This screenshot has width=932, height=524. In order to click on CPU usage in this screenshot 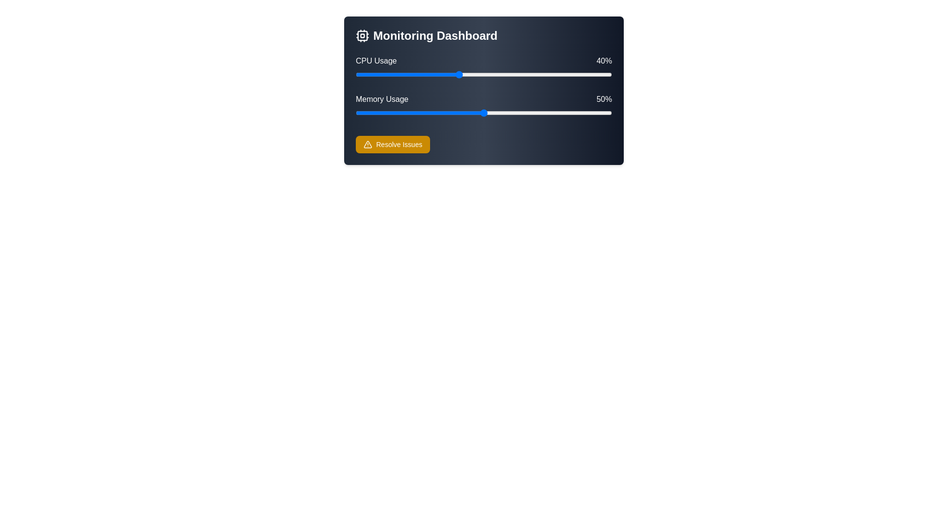, I will do `click(476, 74)`.